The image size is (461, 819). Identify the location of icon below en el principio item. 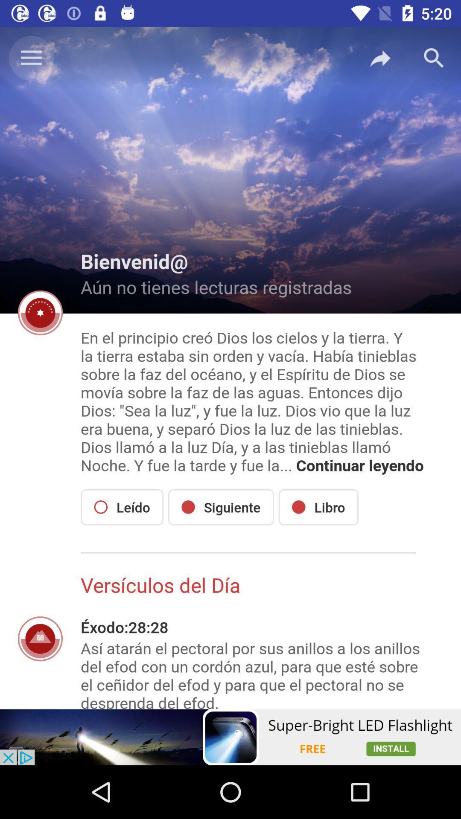
(220, 507).